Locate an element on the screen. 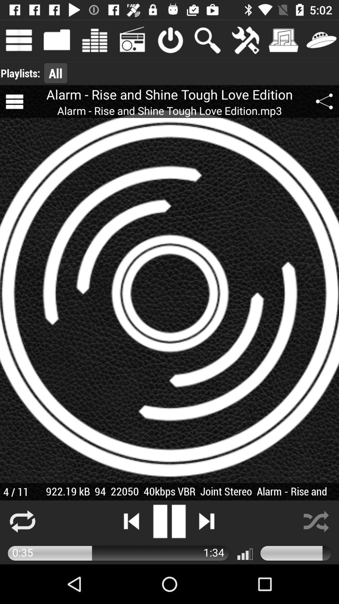 This screenshot has height=604, width=339. icon above 922 19 kb app is located at coordinates (324, 102).